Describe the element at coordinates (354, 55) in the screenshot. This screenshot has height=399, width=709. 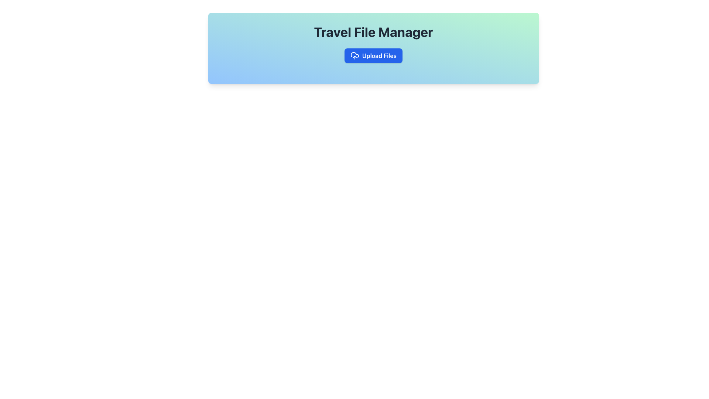
I see `the cloud icon with an upward arrow located within the blue 'Upload Files' button` at that location.